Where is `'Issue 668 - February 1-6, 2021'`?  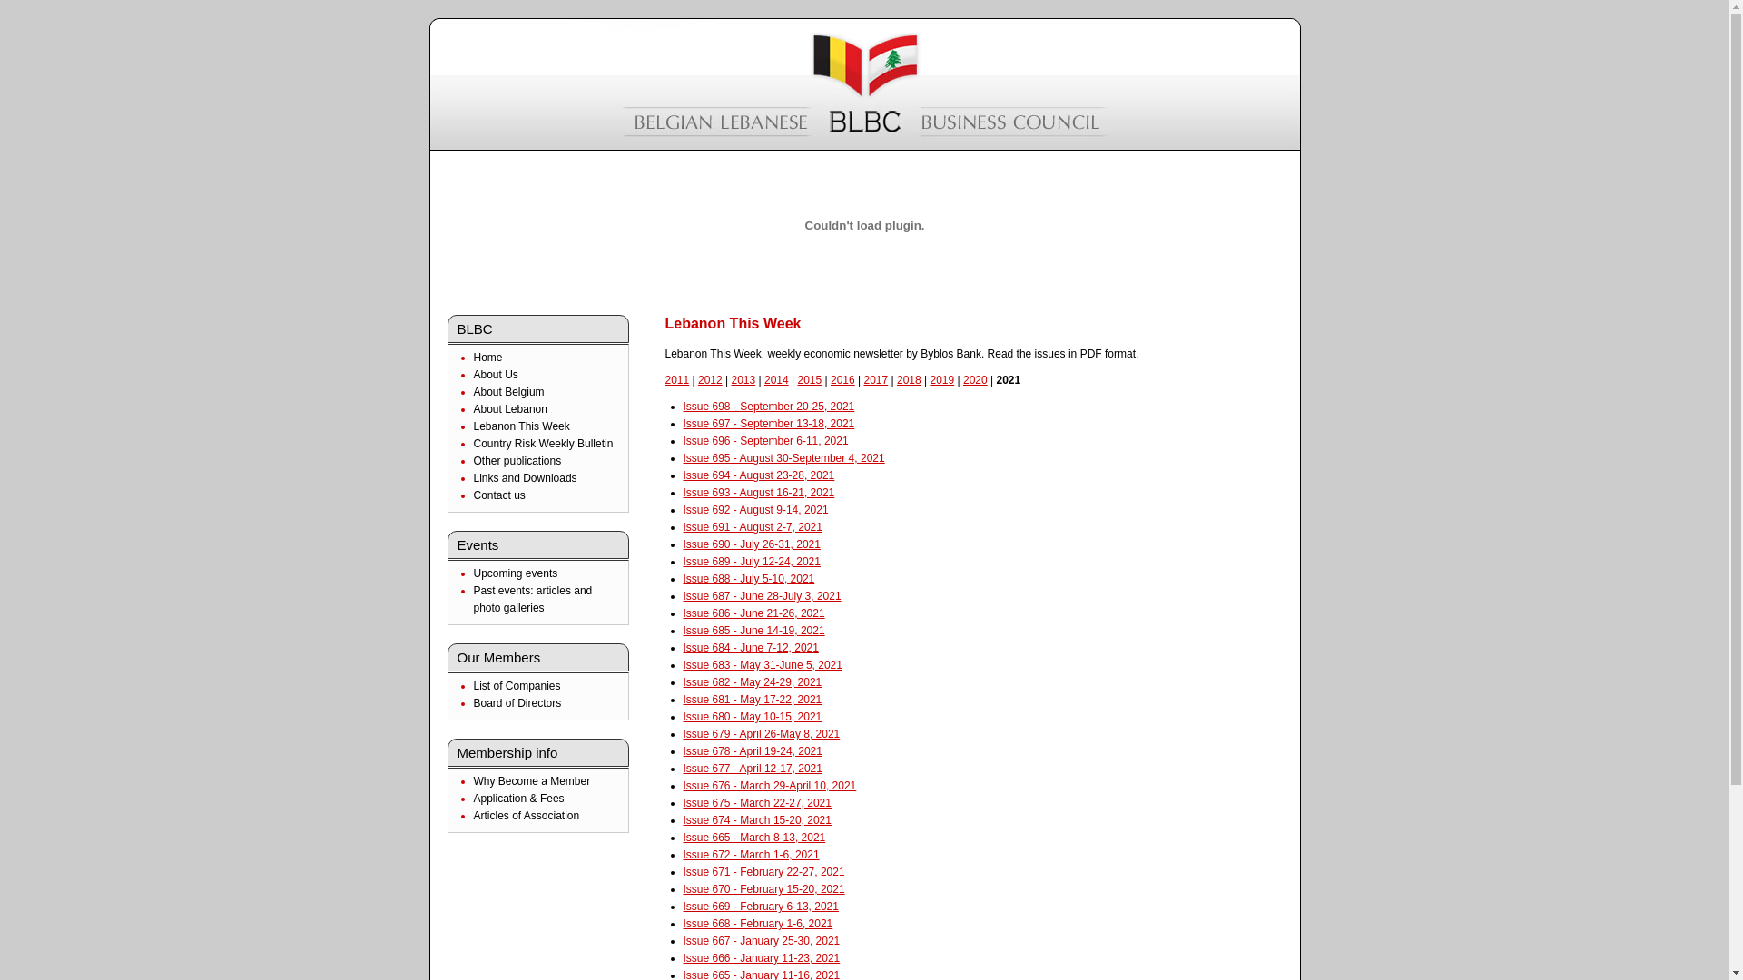
'Issue 668 - February 1-6, 2021' is located at coordinates (682, 924).